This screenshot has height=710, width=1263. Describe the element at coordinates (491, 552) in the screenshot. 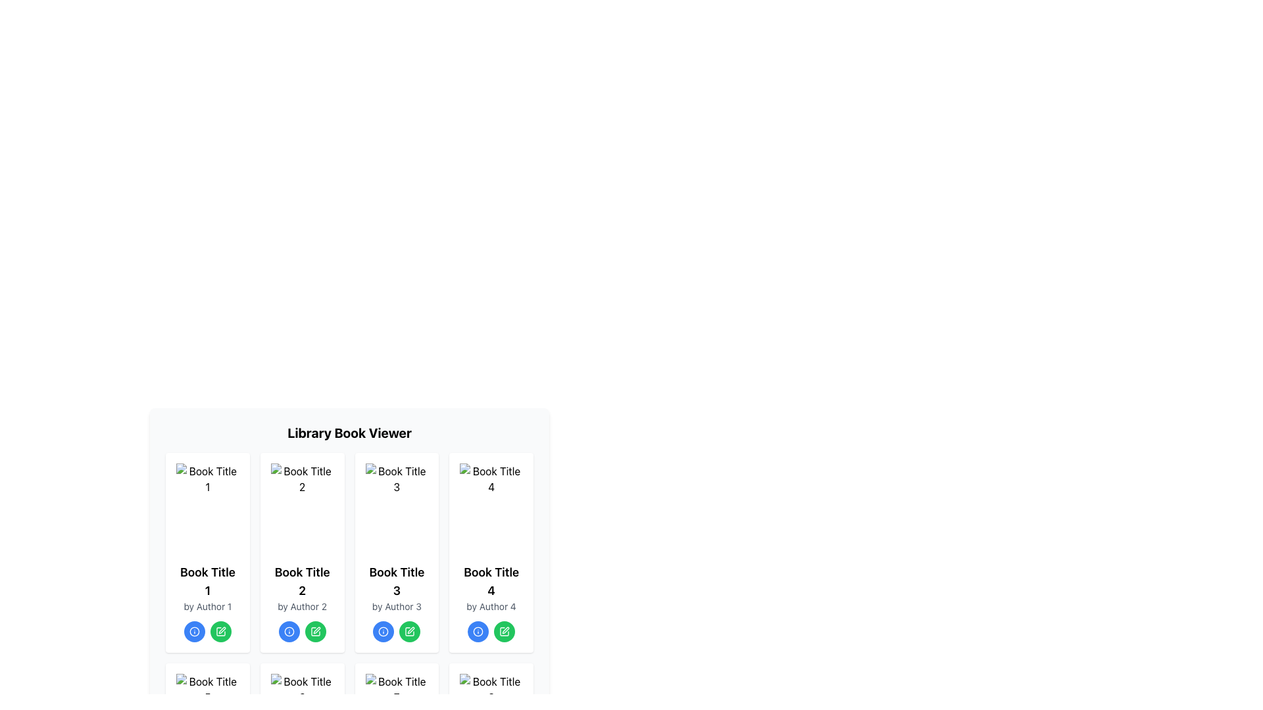

I see `the green edit button located at the bottom right of the Card element displaying information about 'Book Title 4'` at that location.